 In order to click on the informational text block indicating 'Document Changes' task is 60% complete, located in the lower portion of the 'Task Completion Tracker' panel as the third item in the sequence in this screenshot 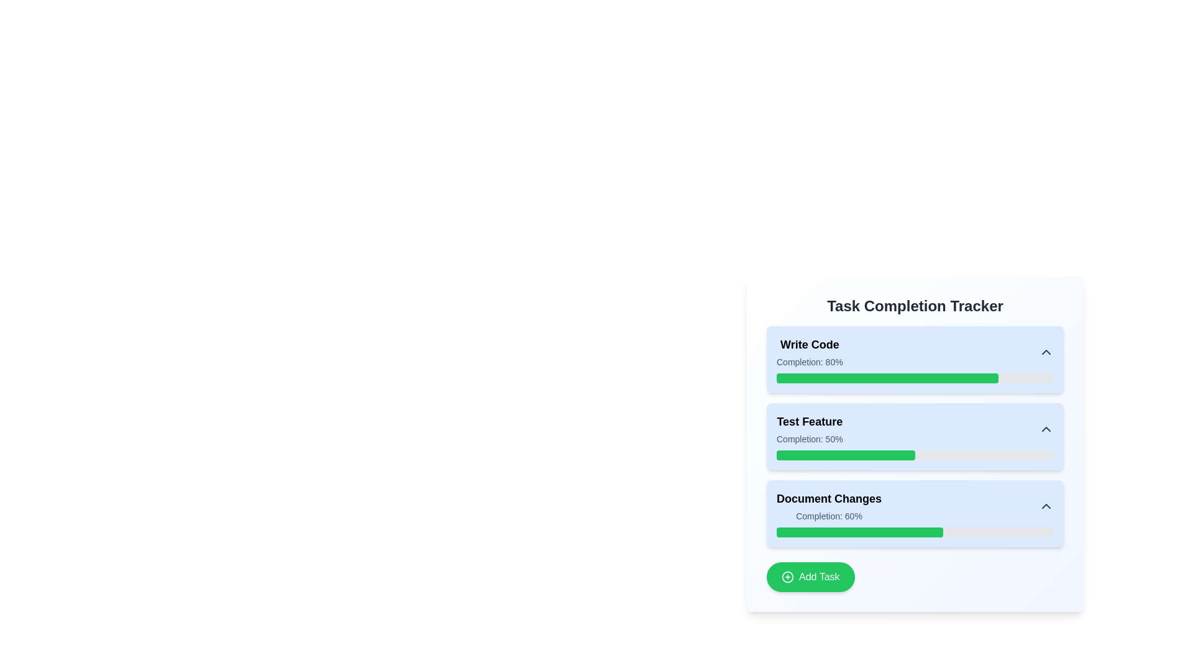, I will do `click(829, 506)`.